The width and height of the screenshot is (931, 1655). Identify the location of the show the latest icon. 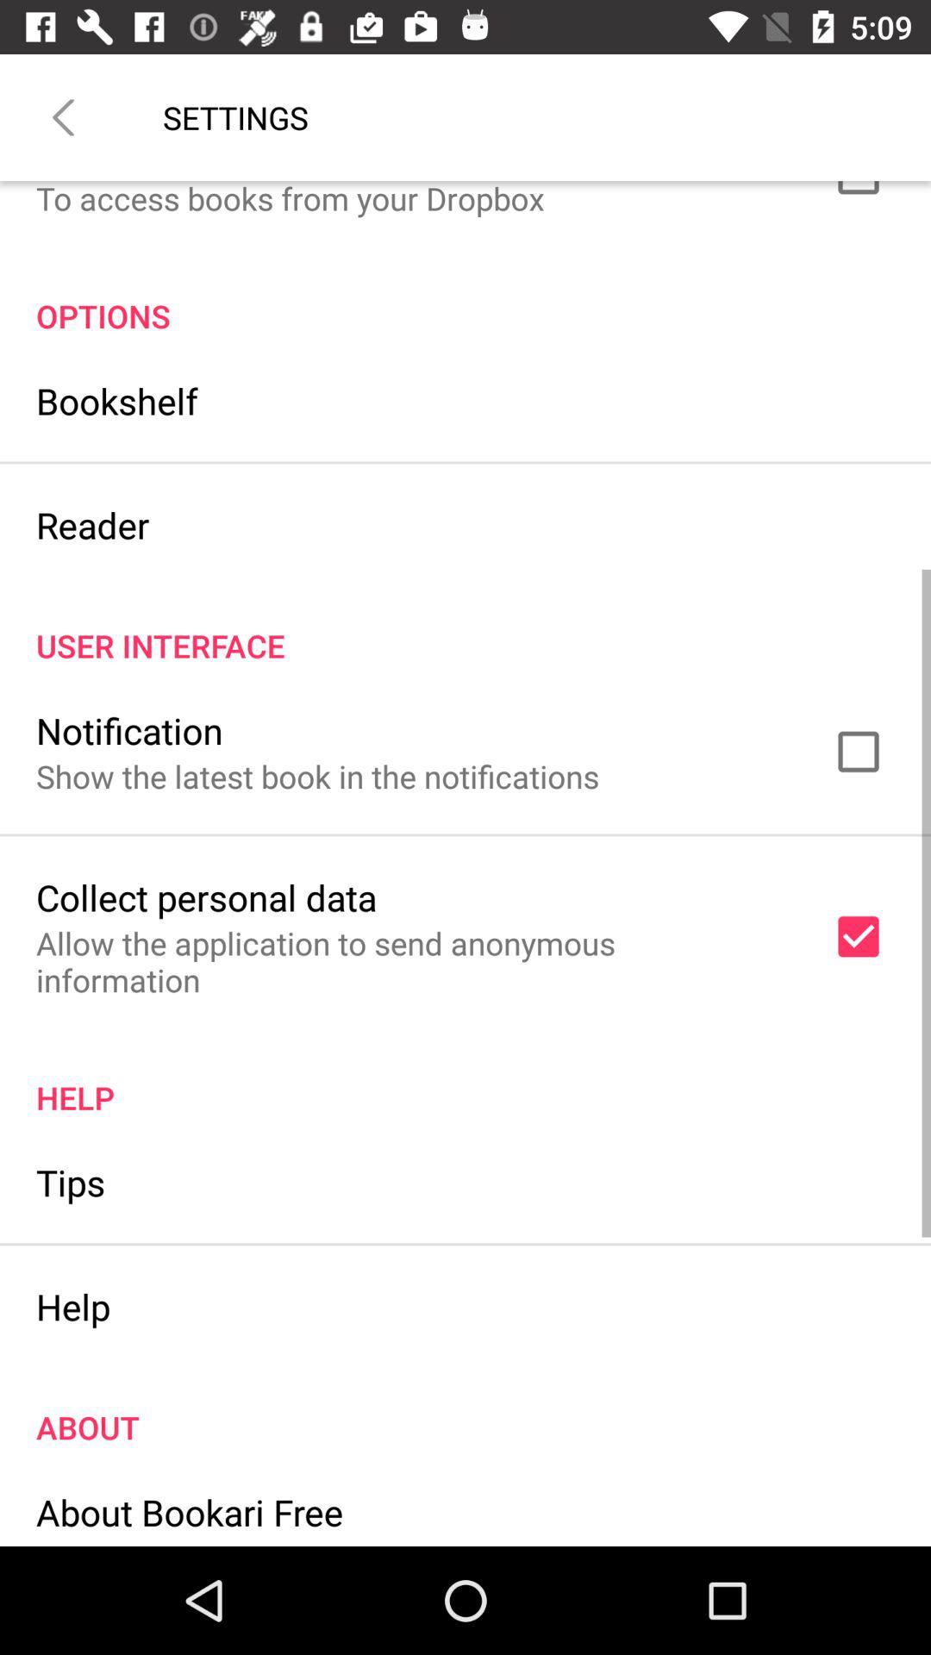
(317, 775).